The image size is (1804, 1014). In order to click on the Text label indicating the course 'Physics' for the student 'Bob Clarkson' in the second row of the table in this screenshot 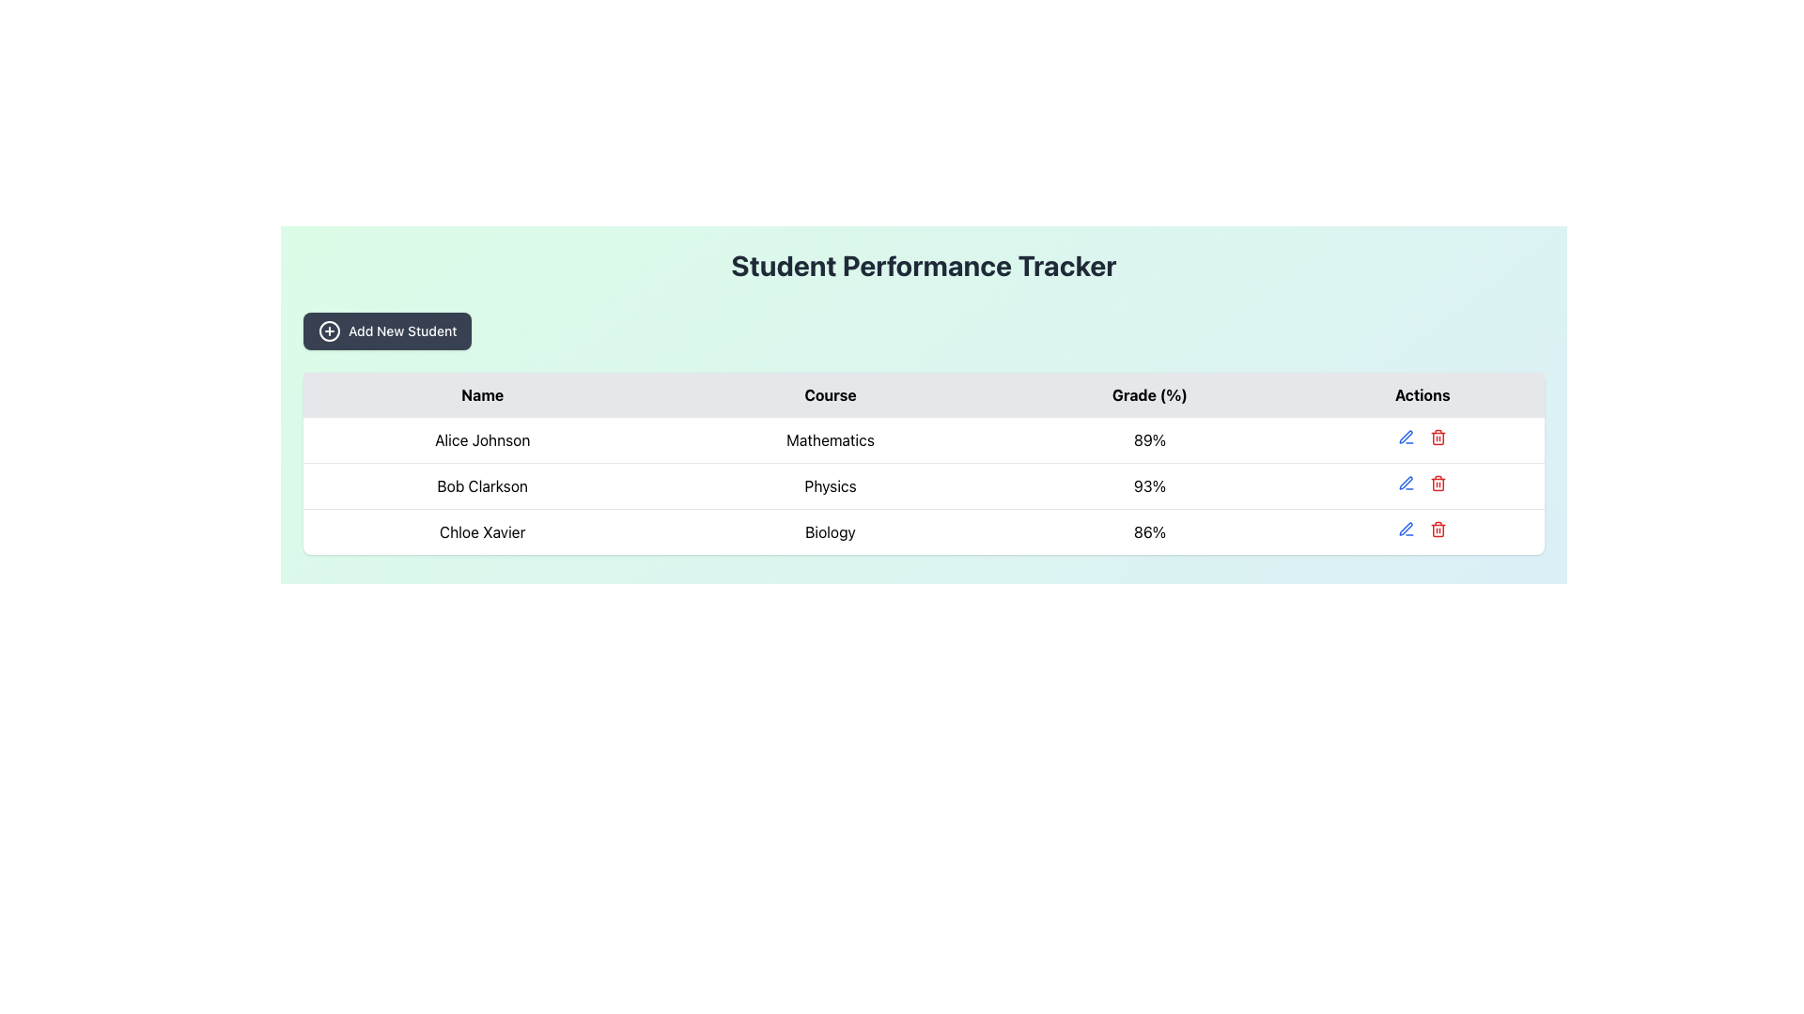, I will do `click(829, 484)`.